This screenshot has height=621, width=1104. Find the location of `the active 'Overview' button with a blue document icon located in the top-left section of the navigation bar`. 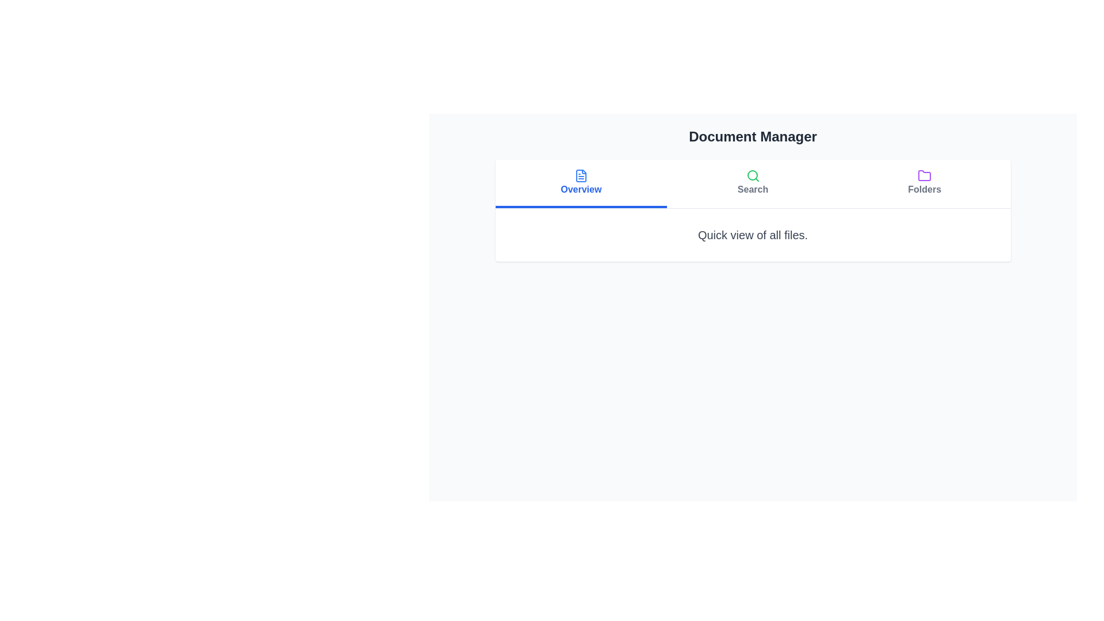

the active 'Overview' button with a blue document icon located in the top-left section of the navigation bar is located at coordinates (581, 183).